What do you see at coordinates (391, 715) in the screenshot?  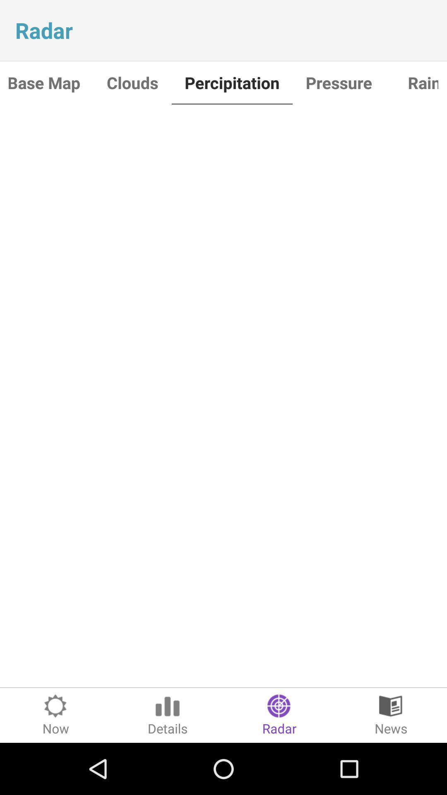 I see `item at the bottom right corner` at bounding box center [391, 715].